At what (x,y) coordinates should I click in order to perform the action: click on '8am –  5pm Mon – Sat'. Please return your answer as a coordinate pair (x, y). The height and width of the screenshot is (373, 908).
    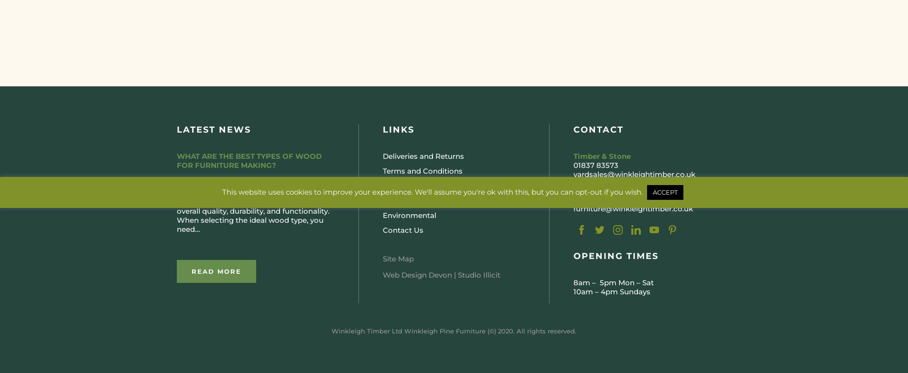
    Looking at the image, I should click on (613, 282).